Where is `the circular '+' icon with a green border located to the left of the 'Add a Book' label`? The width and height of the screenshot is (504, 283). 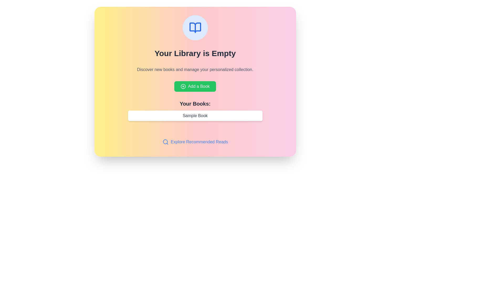 the circular '+' icon with a green border located to the left of the 'Add a Book' label is located at coordinates (183, 86).